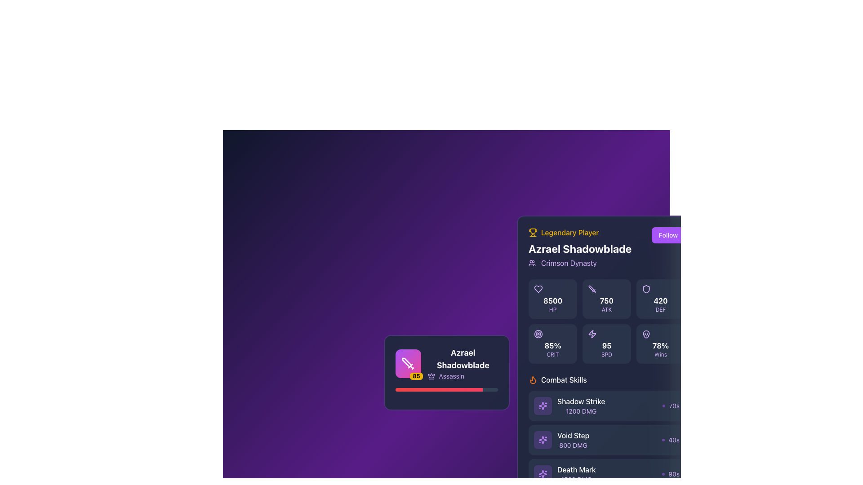 Image resolution: width=863 pixels, height=485 pixels. Describe the element at coordinates (538, 289) in the screenshot. I see `the SVG icon that serves as a visual indicator for liking or favoriting the player's information, located near the top of the player's information panel` at that location.